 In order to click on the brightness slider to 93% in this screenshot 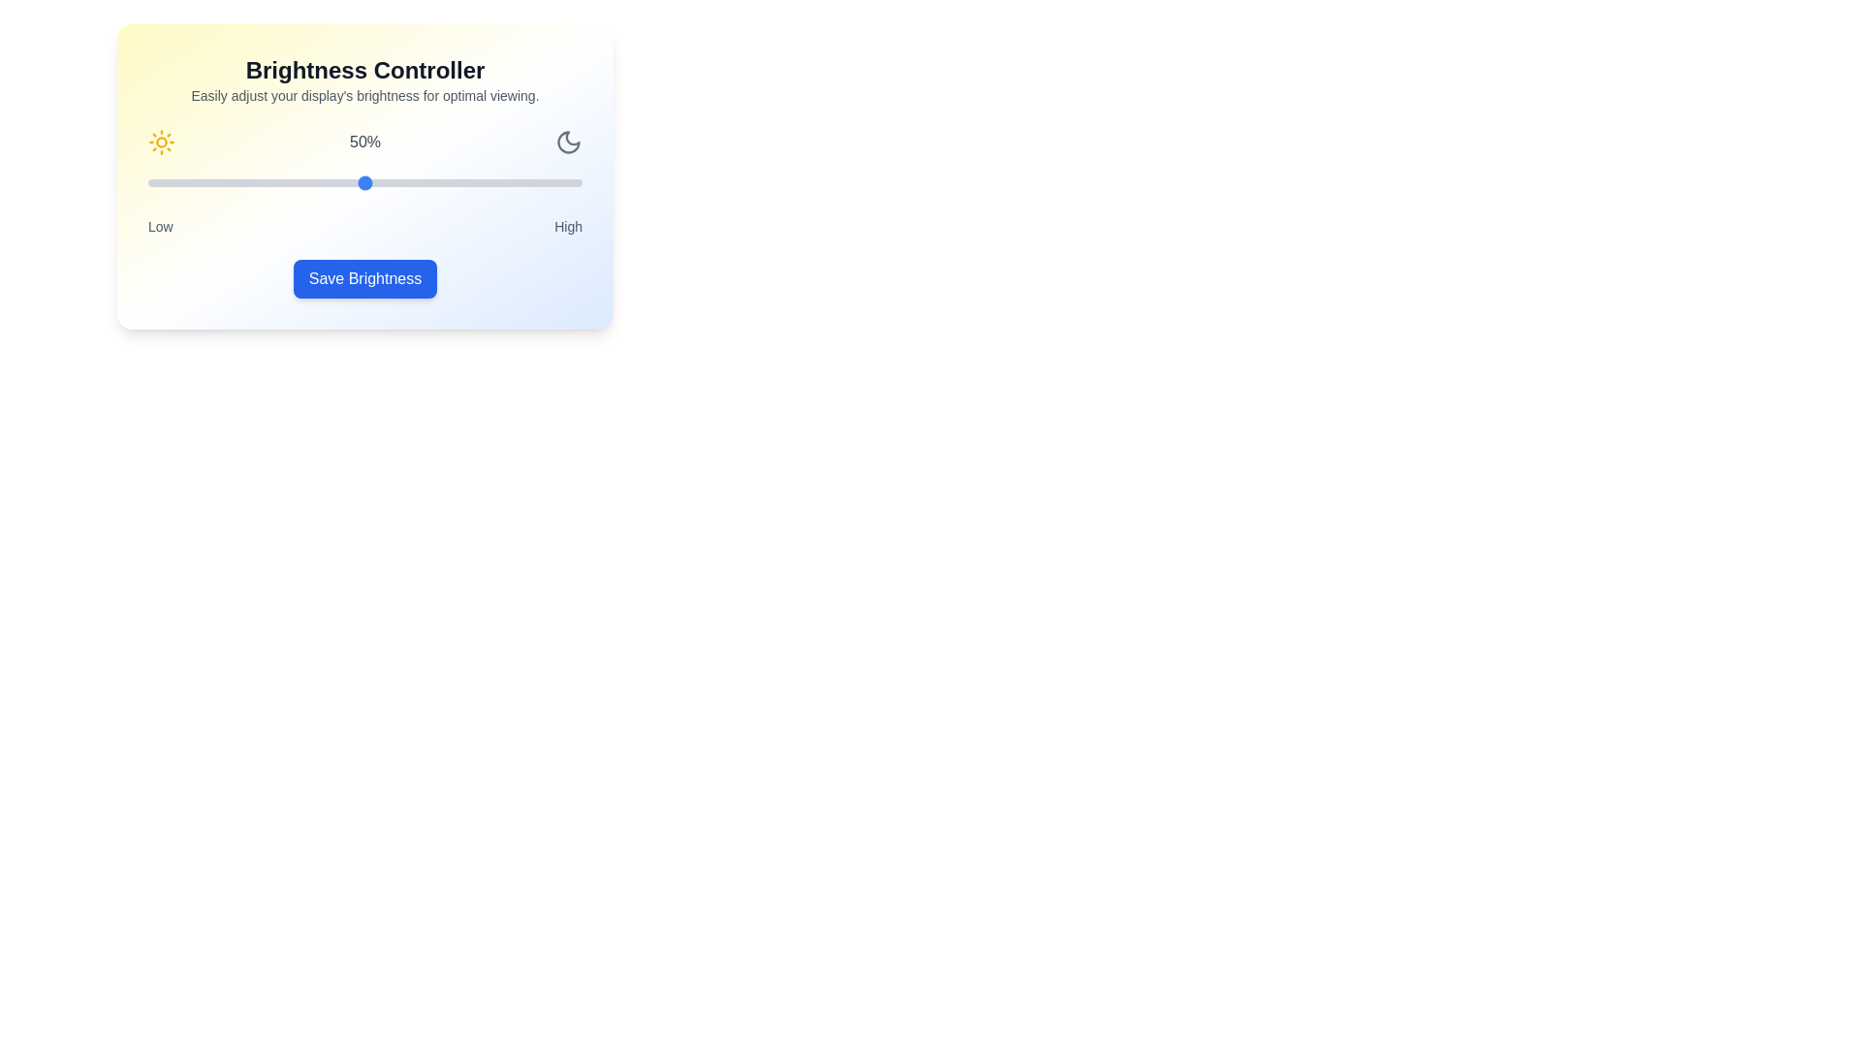, I will do `click(551, 183)`.